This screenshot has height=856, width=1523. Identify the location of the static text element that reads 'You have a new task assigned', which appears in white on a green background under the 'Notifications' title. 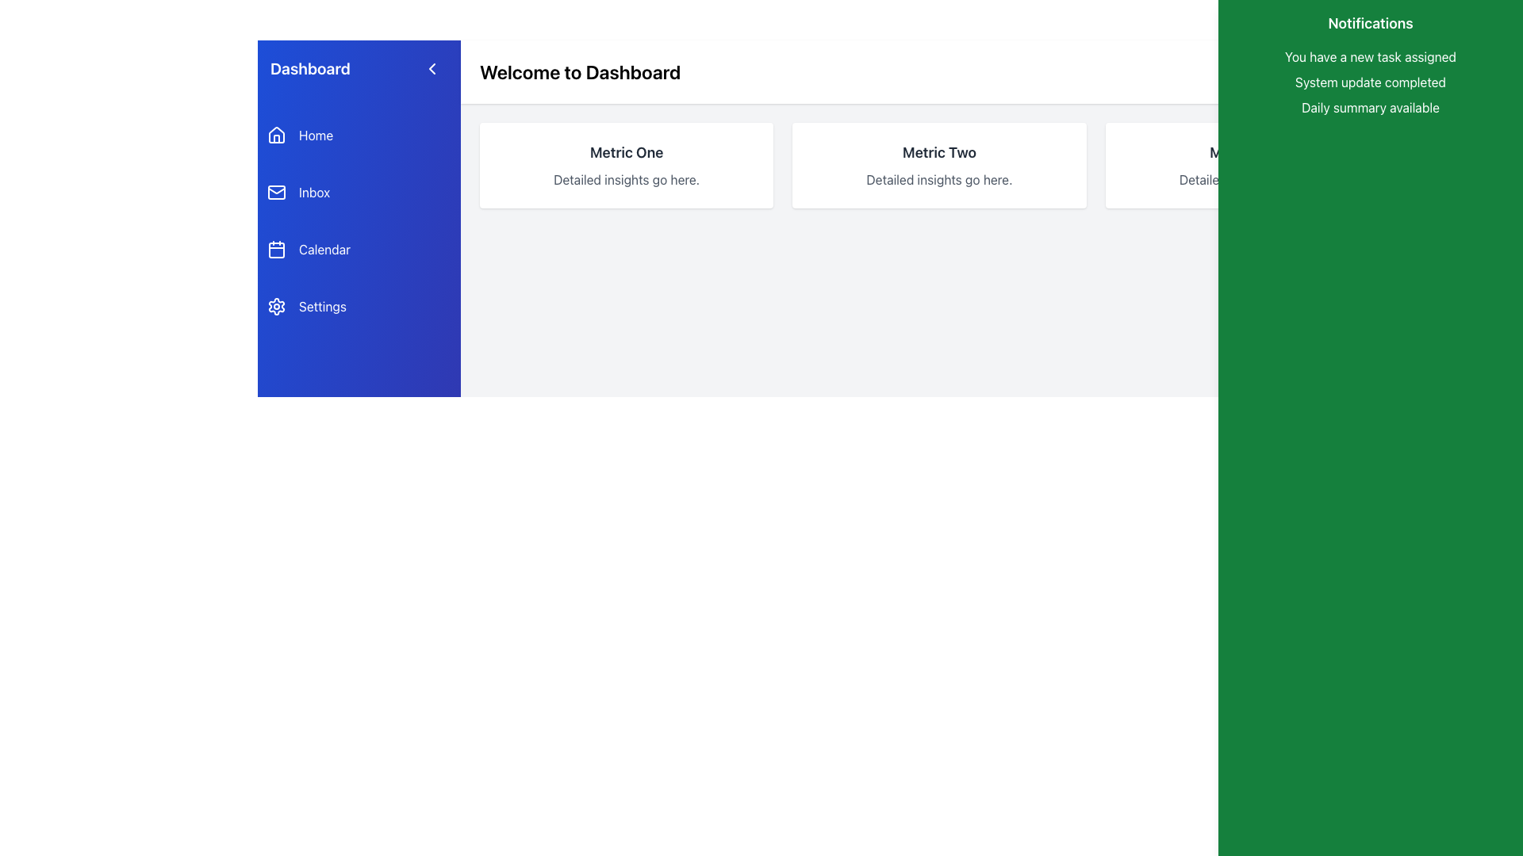
(1370, 56).